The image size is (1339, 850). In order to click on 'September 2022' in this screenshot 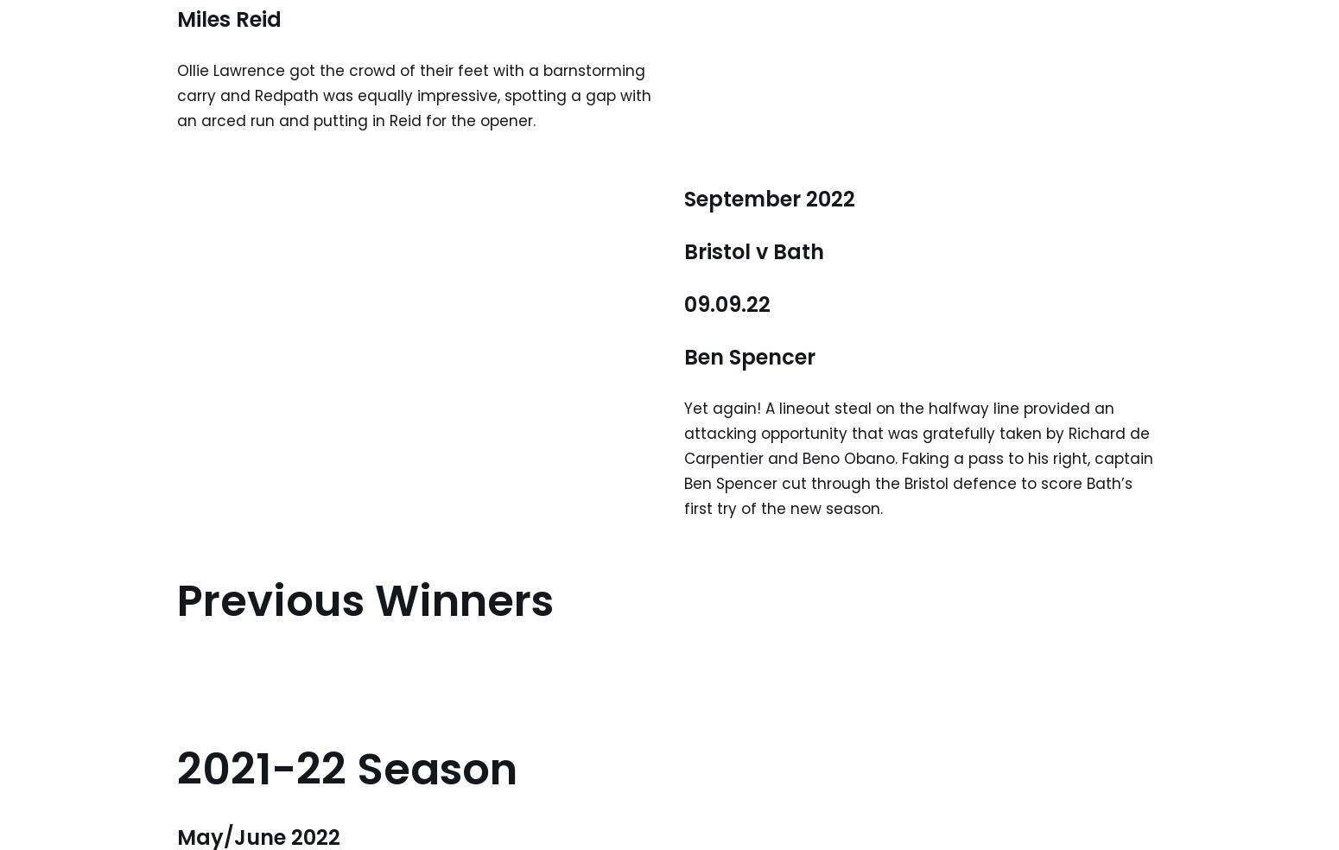, I will do `click(769, 198)`.